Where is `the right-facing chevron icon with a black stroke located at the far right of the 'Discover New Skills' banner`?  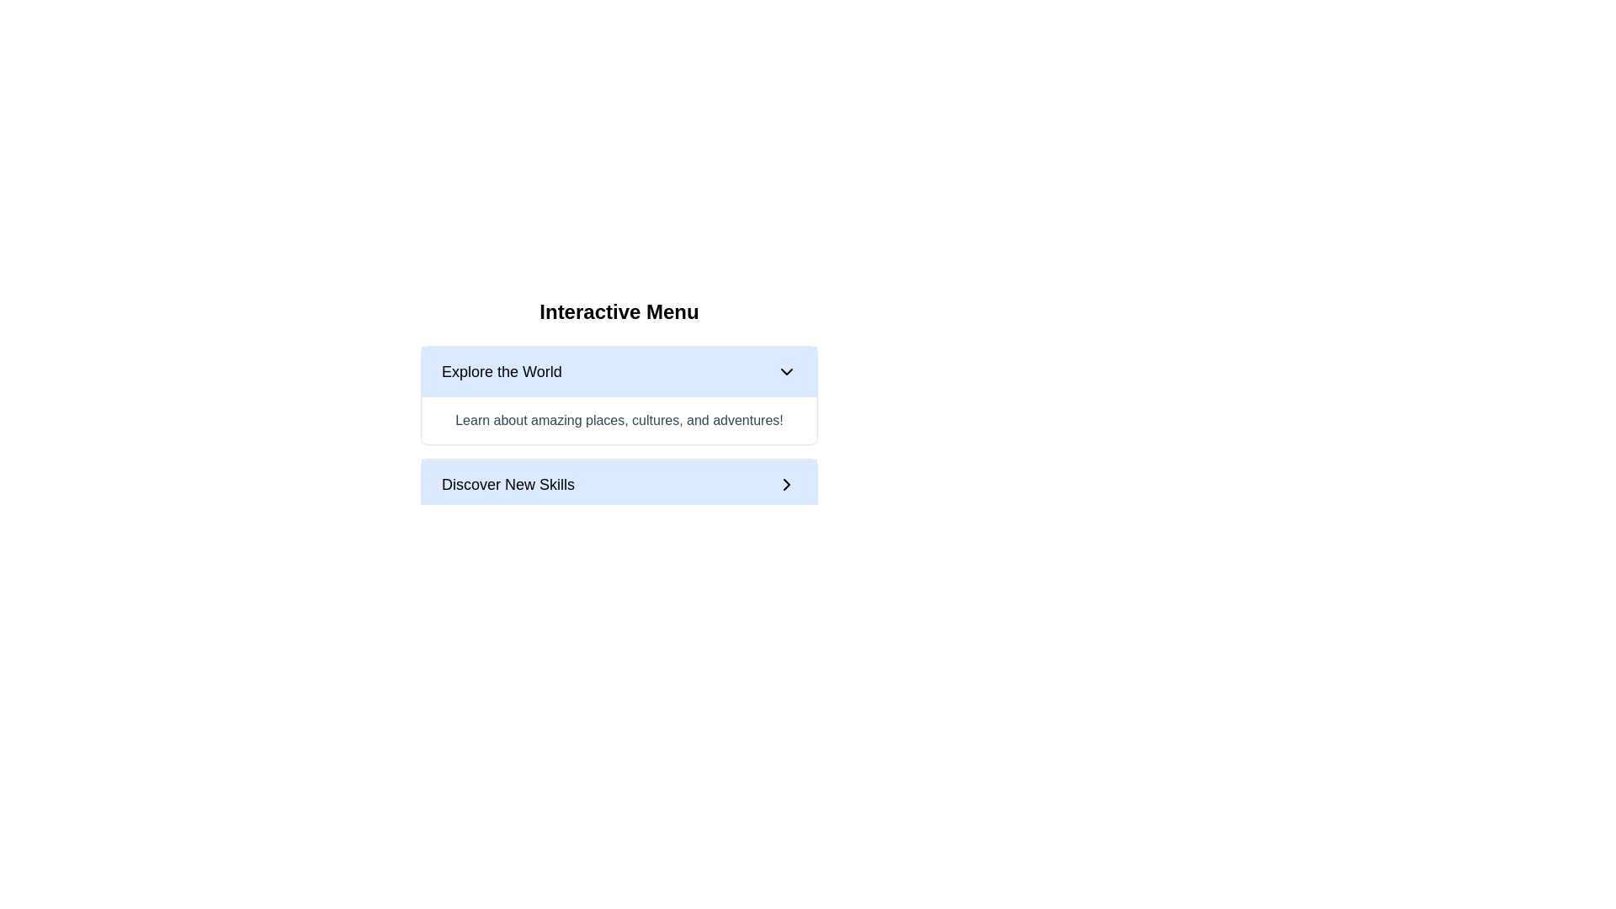
the right-facing chevron icon with a black stroke located at the far right of the 'Discover New Skills' banner is located at coordinates (786, 484).